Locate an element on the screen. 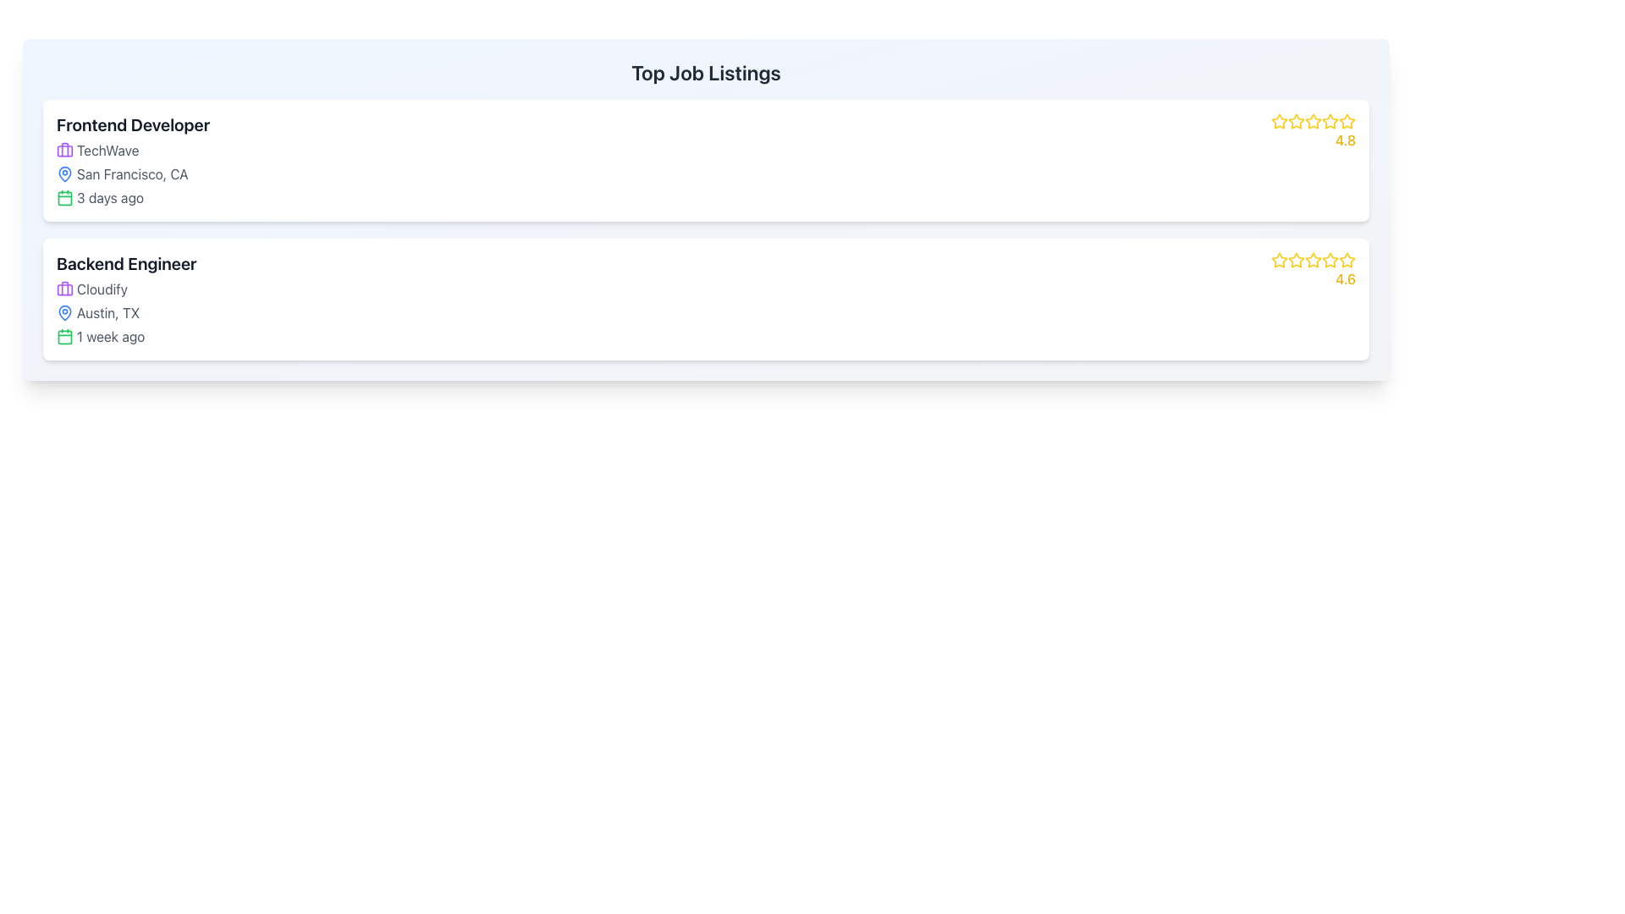 The image size is (1625, 914). the calendar icon with a green outline located to the left of the text '1 week ago' is located at coordinates (64, 336).